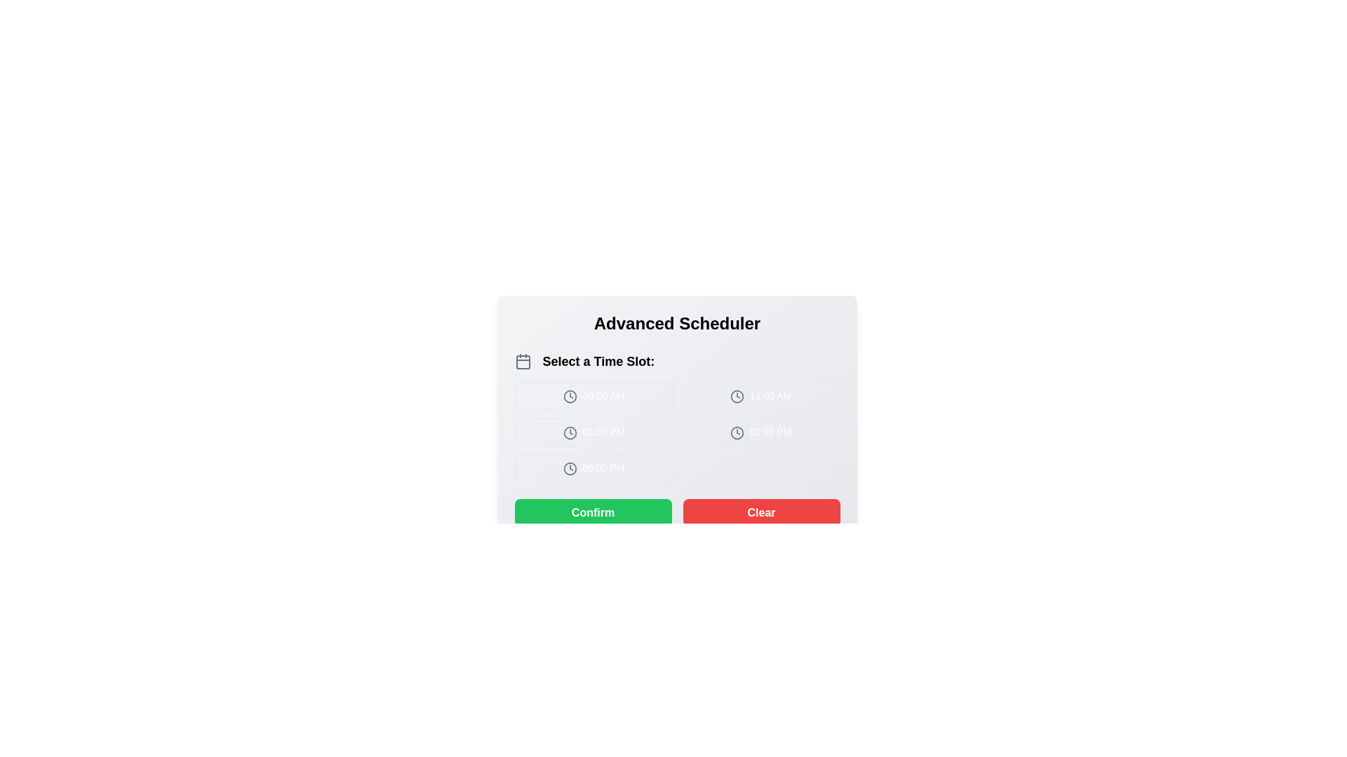  I want to click on the decorative clock icon located to the left of the text '09:00 AM' in the first row of the time slots section, so click(570, 397).